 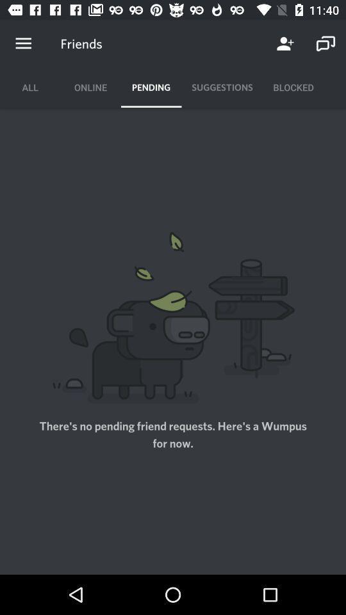 What do you see at coordinates (325, 44) in the screenshot?
I see `item above the blocked icon` at bounding box center [325, 44].